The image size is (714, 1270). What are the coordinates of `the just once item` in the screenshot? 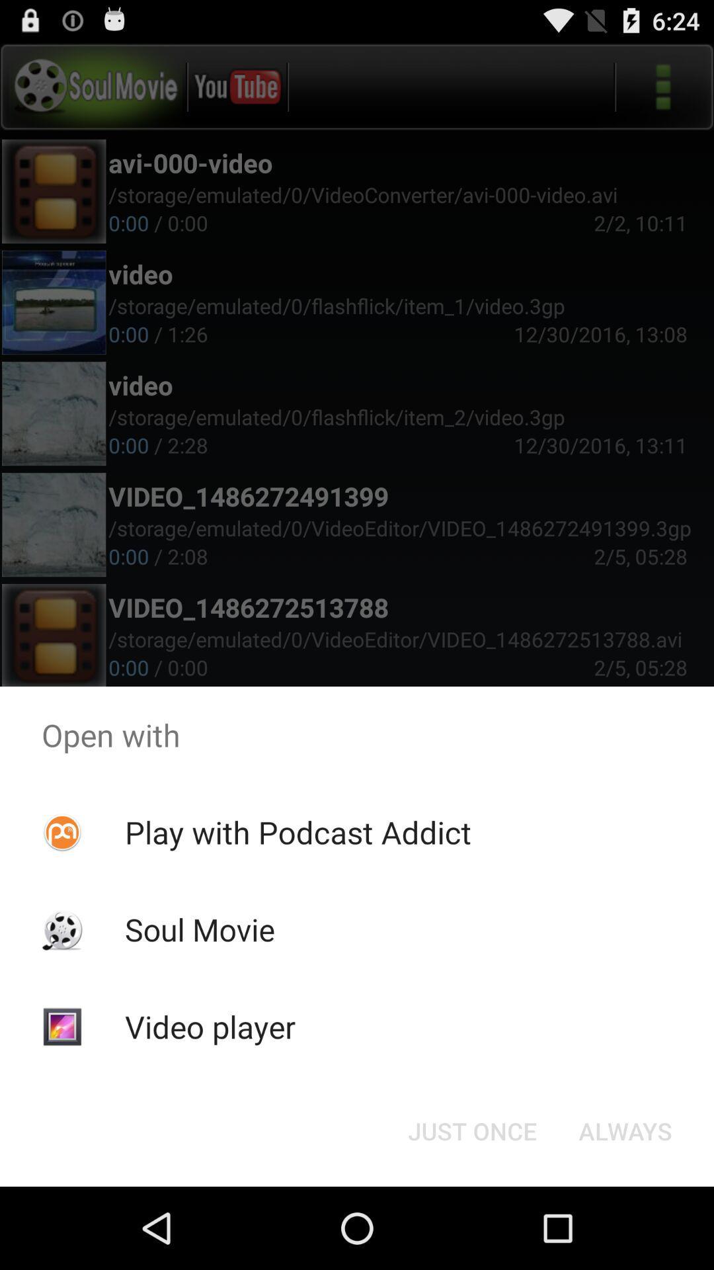 It's located at (471, 1130).